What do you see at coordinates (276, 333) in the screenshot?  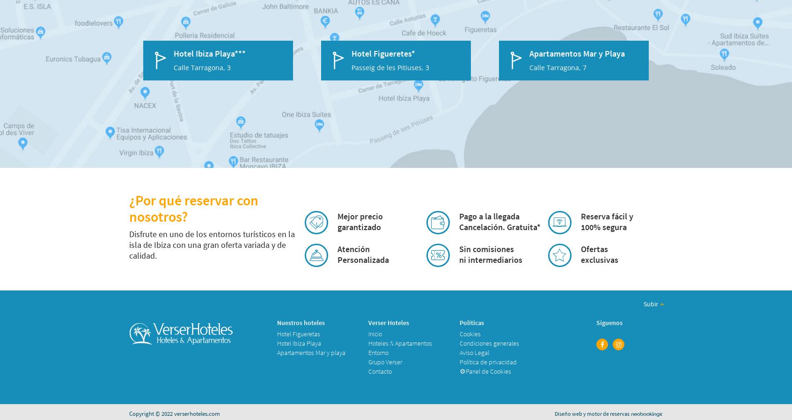 I see `'Hotel Figueretas'` at bounding box center [276, 333].